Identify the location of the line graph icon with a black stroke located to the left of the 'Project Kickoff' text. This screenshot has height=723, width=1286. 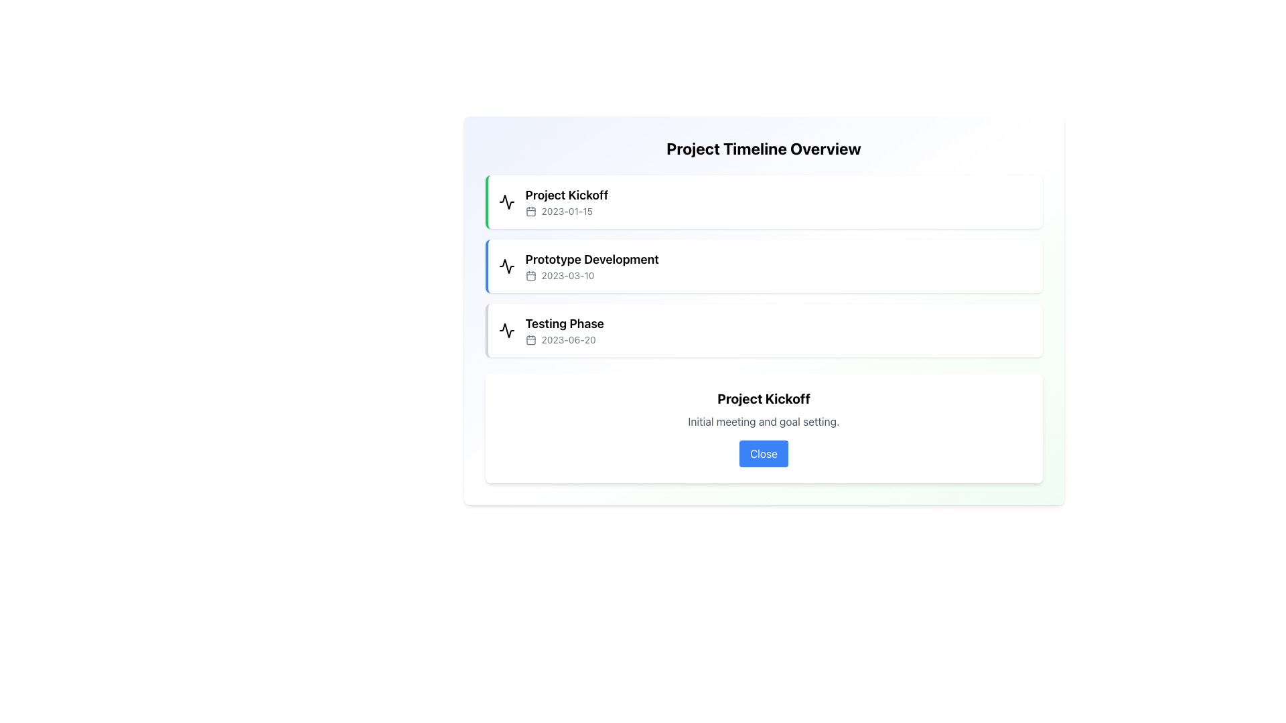
(506, 202).